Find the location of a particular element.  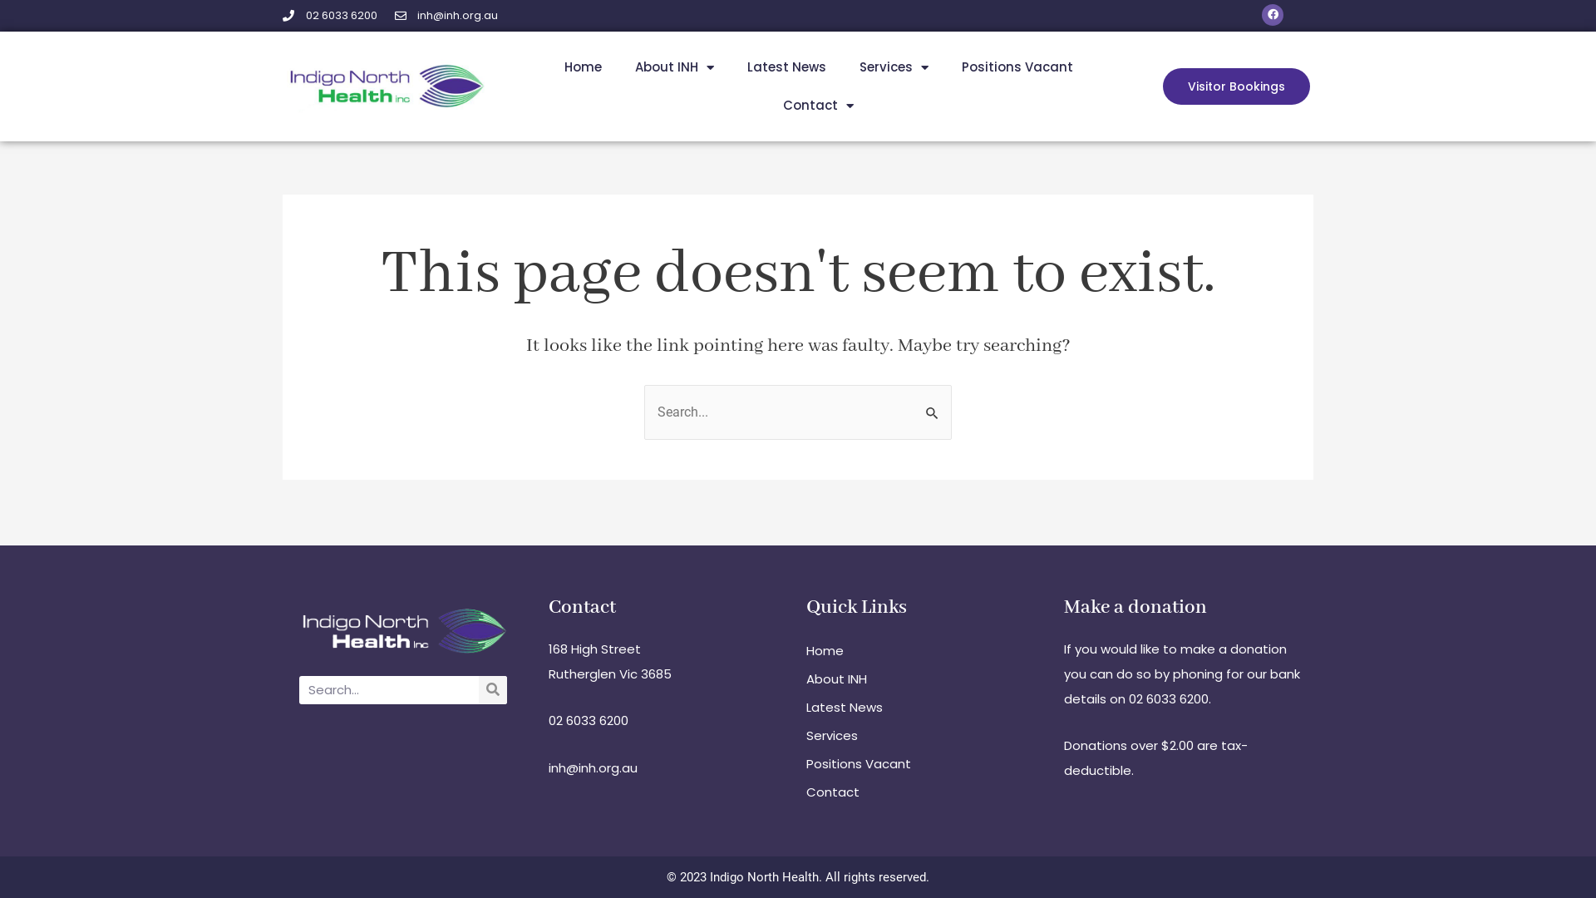

'Contact' is located at coordinates (925, 791).